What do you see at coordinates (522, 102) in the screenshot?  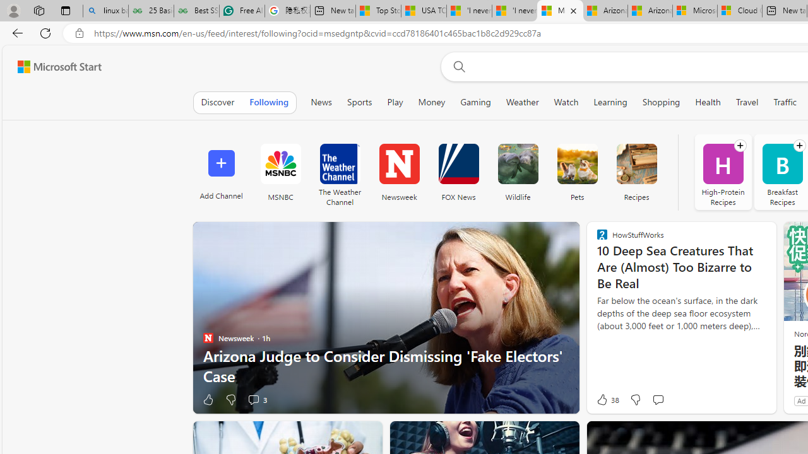 I see `'Weather'` at bounding box center [522, 102].